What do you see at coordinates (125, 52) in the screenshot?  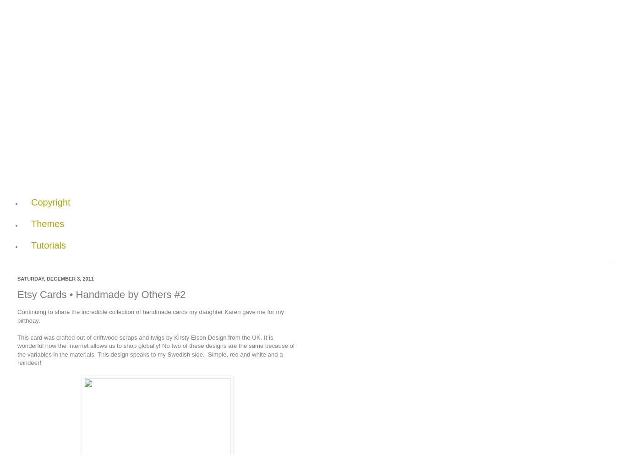 I see `'Ashbee Design'` at bounding box center [125, 52].